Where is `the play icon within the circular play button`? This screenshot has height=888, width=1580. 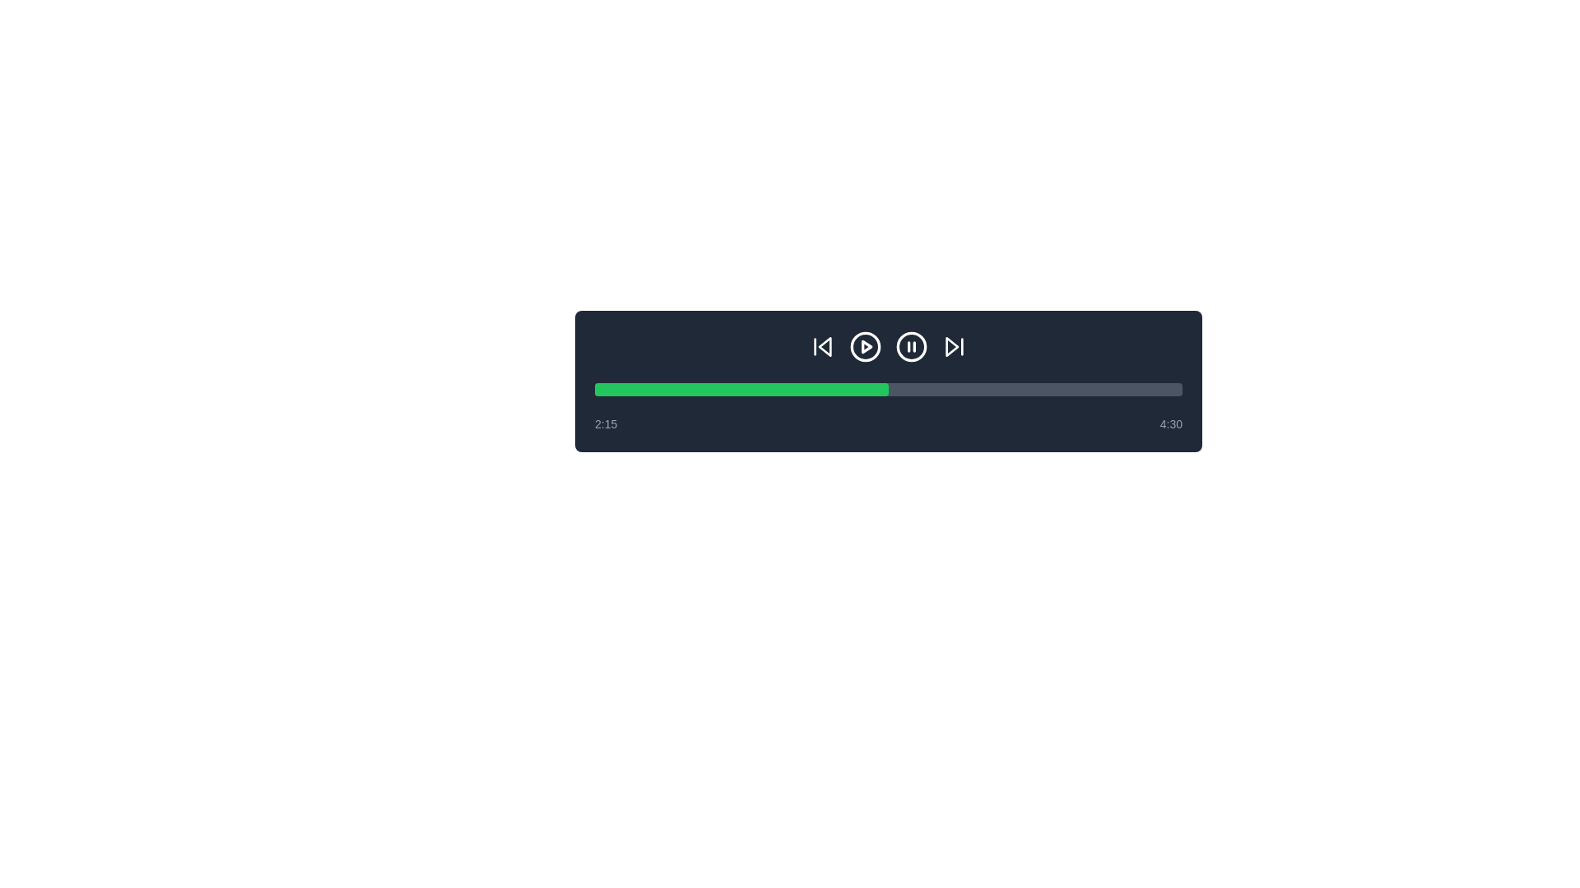
the play icon within the circular play button is located at coordinates (866, 345).